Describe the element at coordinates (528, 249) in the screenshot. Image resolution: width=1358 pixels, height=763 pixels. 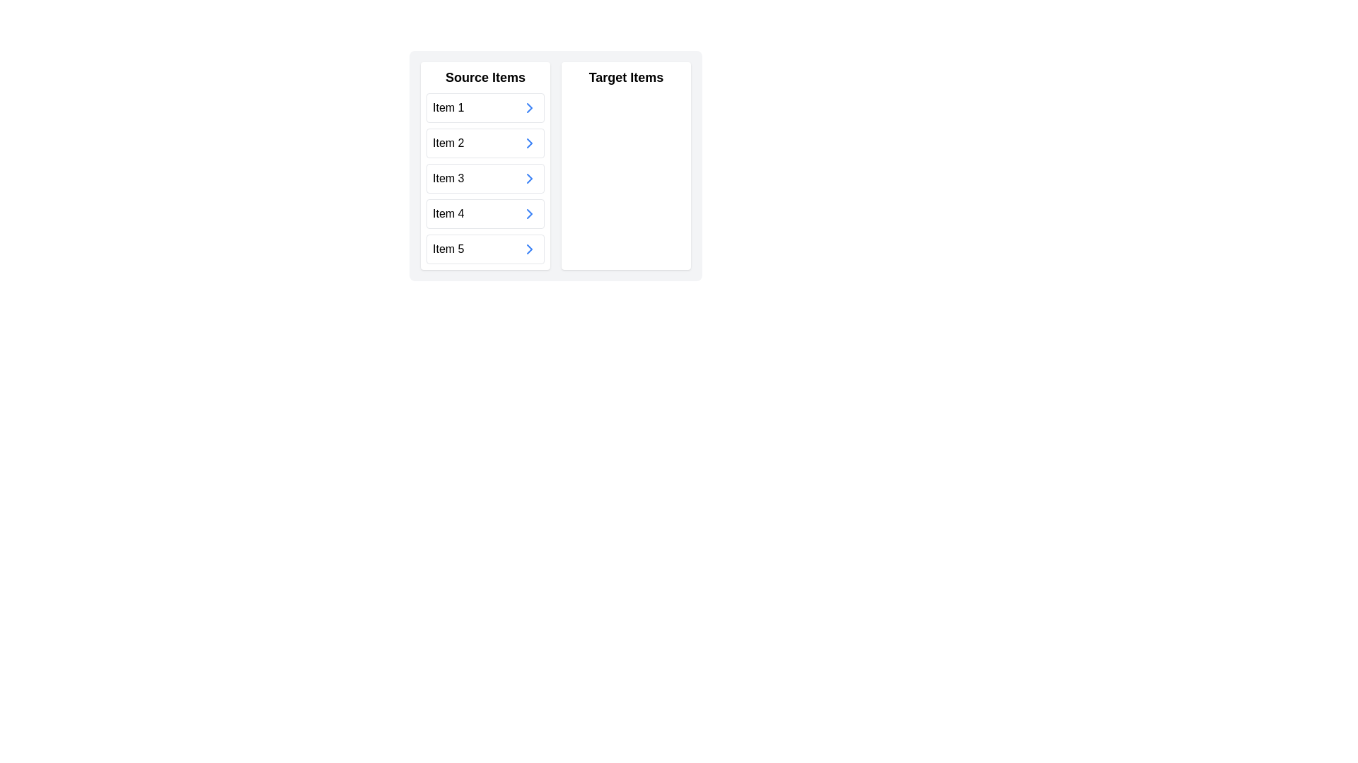
I see `the rightmost chevron icon in the 'Source Items' list corresponding to 'Item 5'` at that location.